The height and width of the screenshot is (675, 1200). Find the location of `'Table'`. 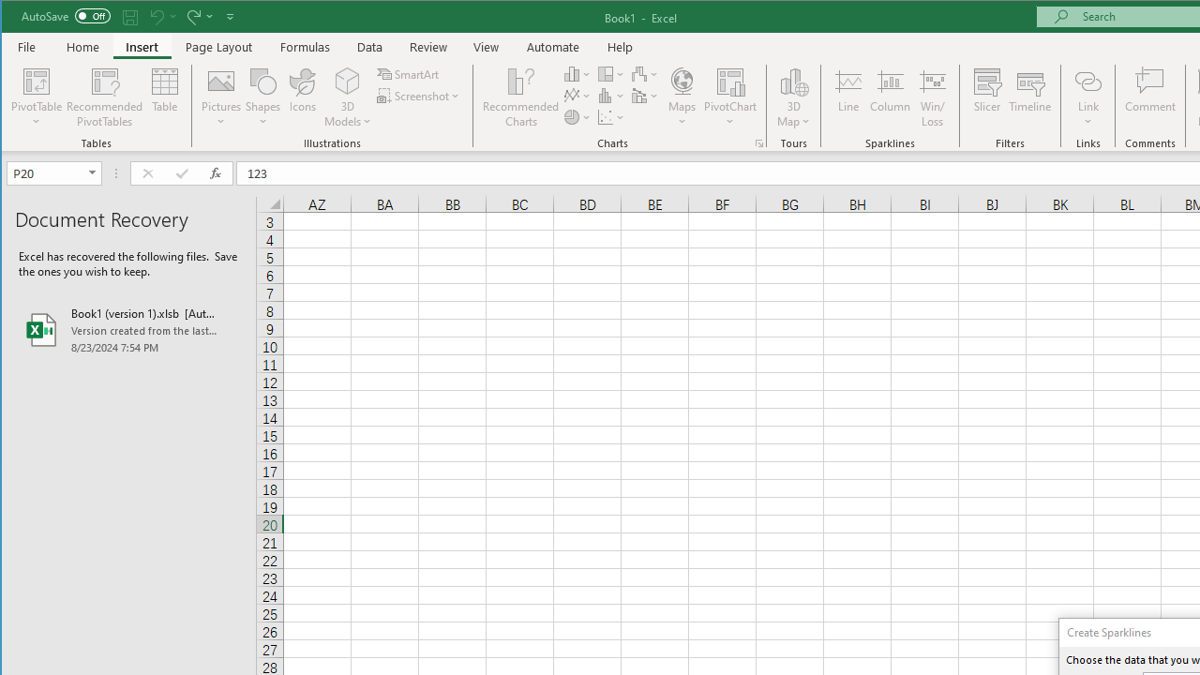

'Table' is located at coordinates (165, 97).